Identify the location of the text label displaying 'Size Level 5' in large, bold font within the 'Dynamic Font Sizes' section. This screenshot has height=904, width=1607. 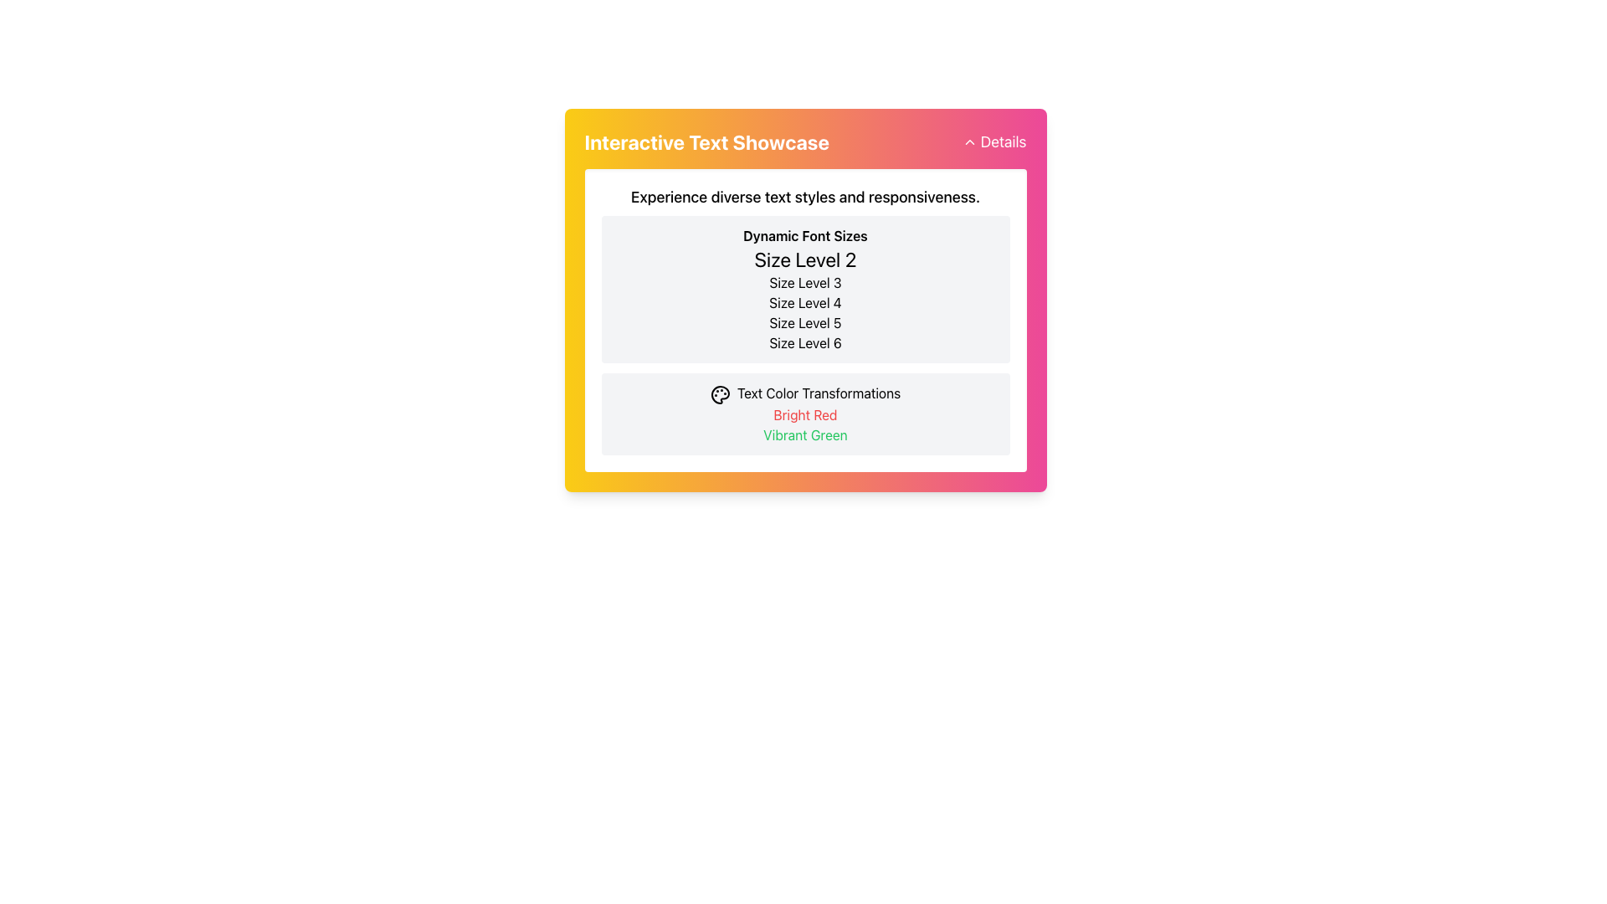
(805, 322).